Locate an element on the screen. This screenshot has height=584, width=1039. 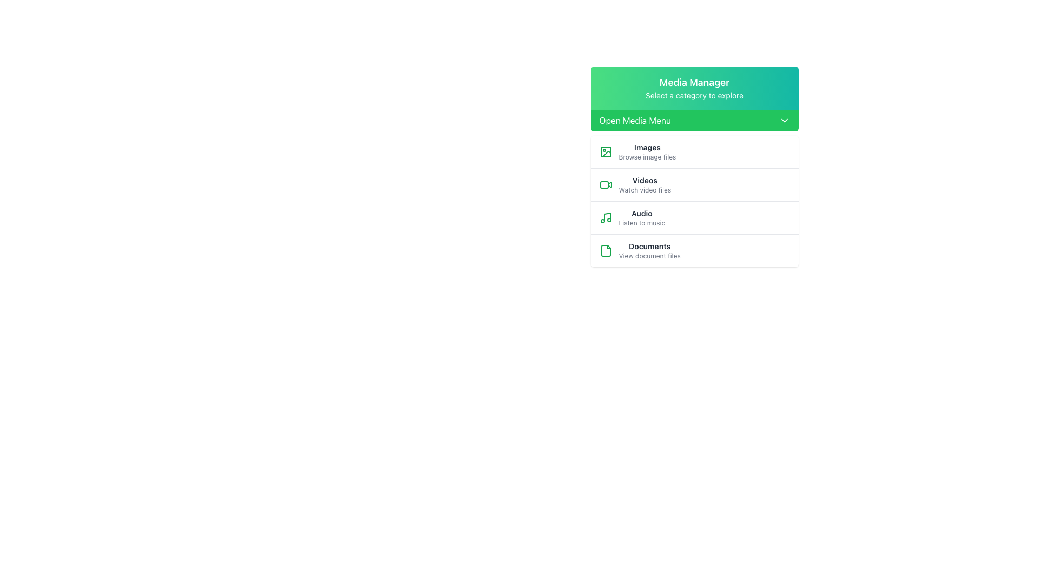
the descriptive text element located in the 'Media Manager' dropdown panel, which provides information about the 'Documents' category is located at coordinates (649, 256).